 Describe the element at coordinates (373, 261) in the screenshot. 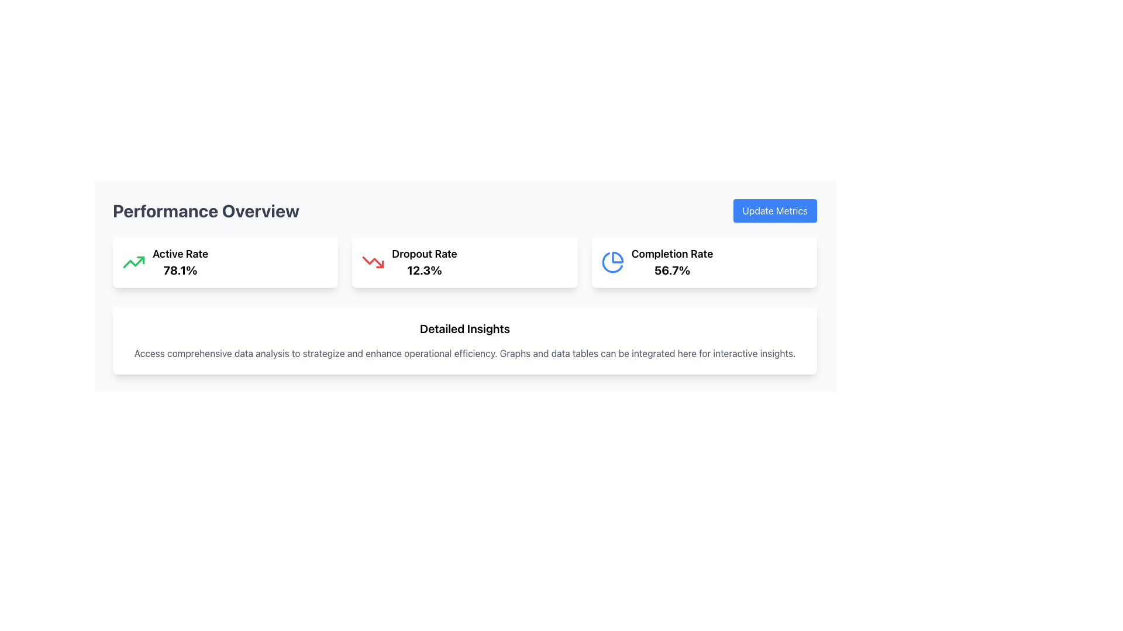

I see `the downward trend icon located in the top left section of the 'Dropout Rate' card, next to the text '12.3%' and 'Dropout Rate'` at that location.